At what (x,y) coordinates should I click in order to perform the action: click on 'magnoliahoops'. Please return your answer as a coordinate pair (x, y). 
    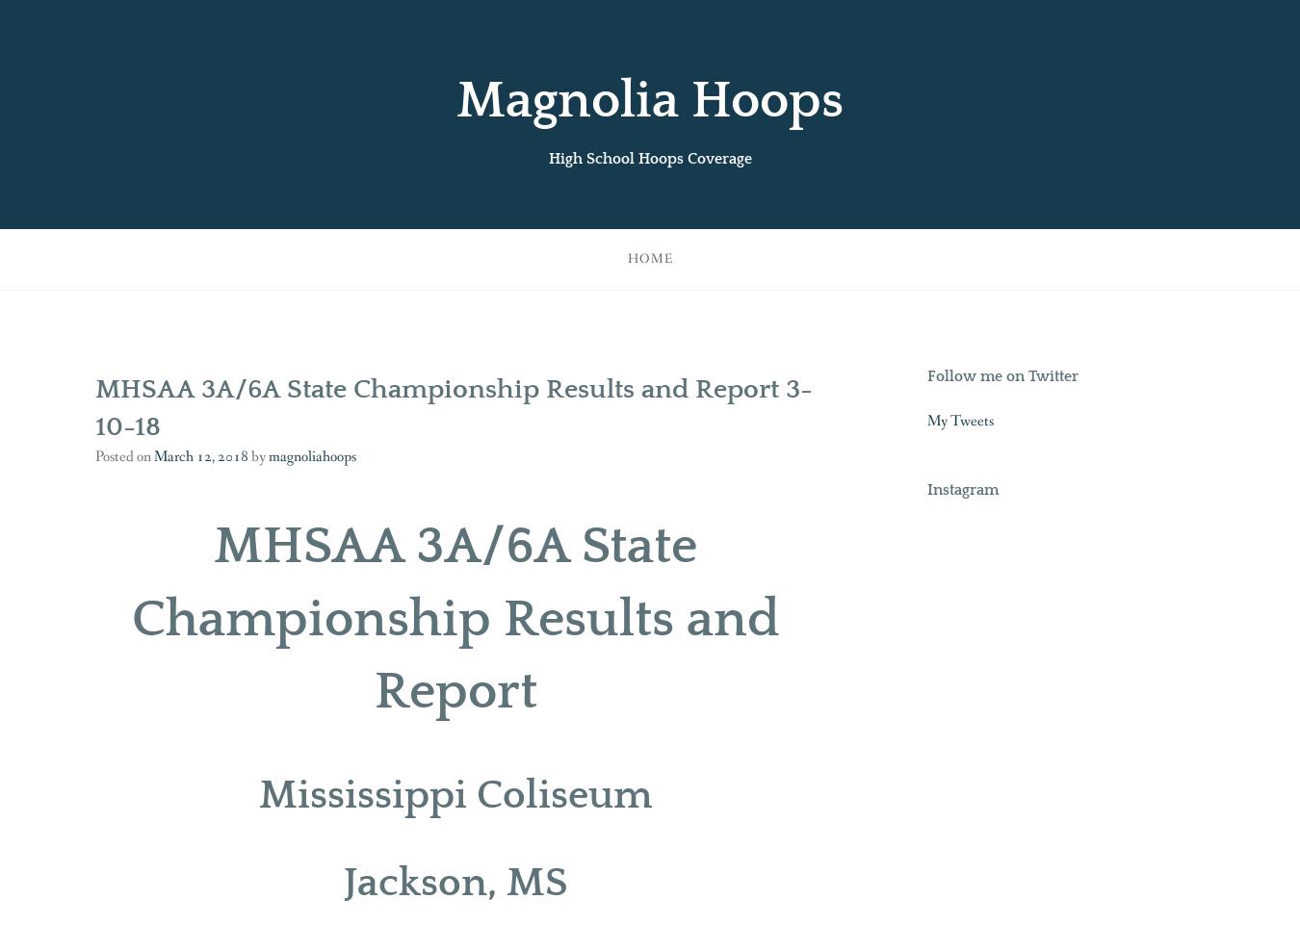
    Looking at the image, I should click on (311, 455).